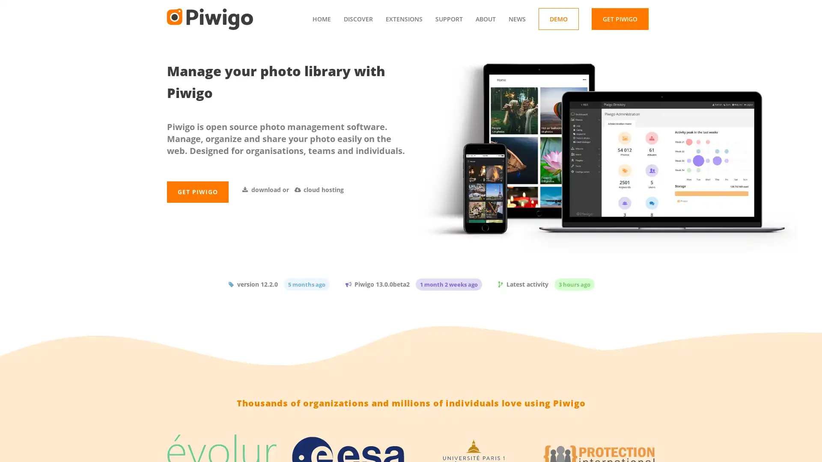 The width and height of the screenshot is (822, 462). Describe the element at coordinates (197, 210) in the screenshot. I see `GET PIWIGO` at that location.